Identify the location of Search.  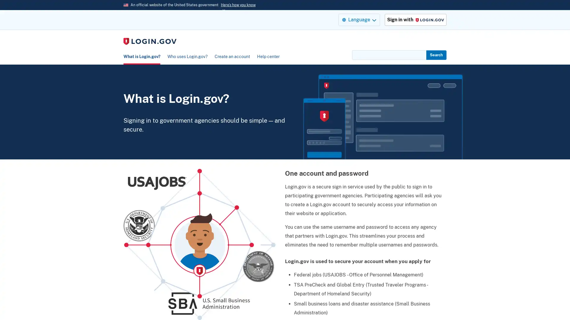
(436, 55).